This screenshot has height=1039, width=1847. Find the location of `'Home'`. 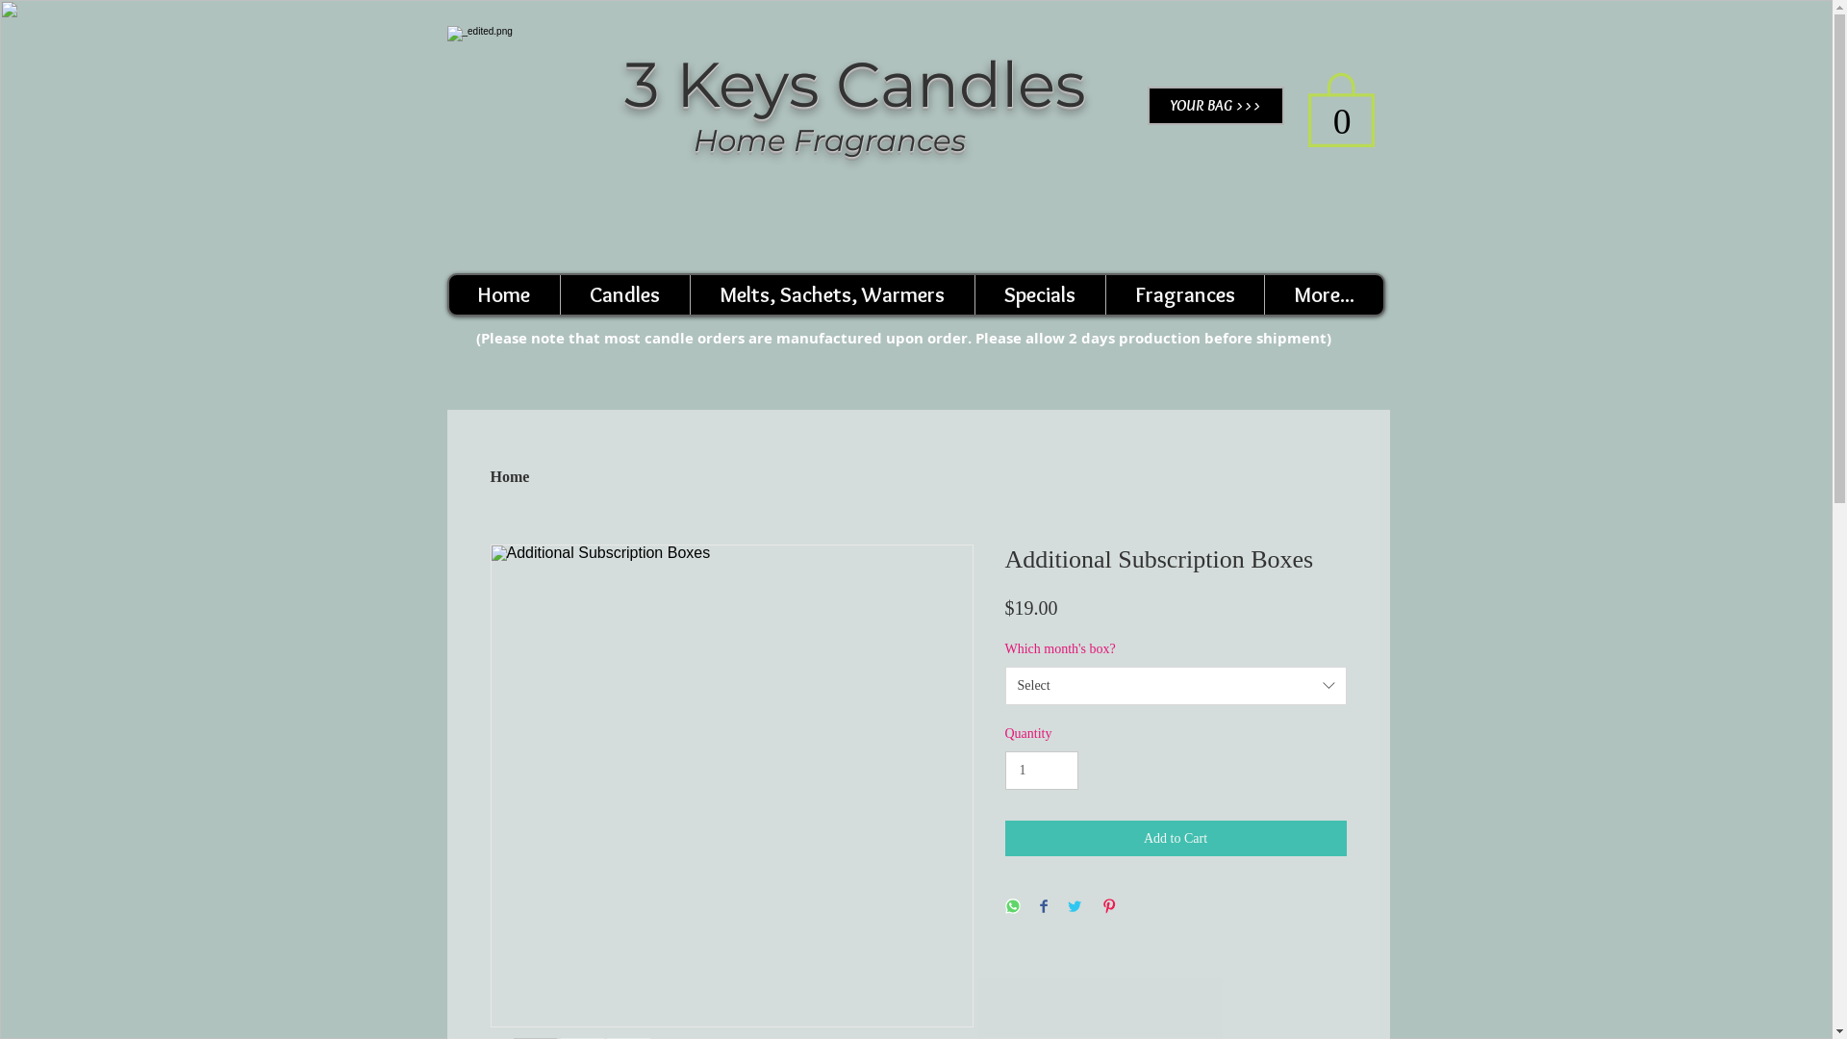

'Home' is located at coordinates (503, 294).